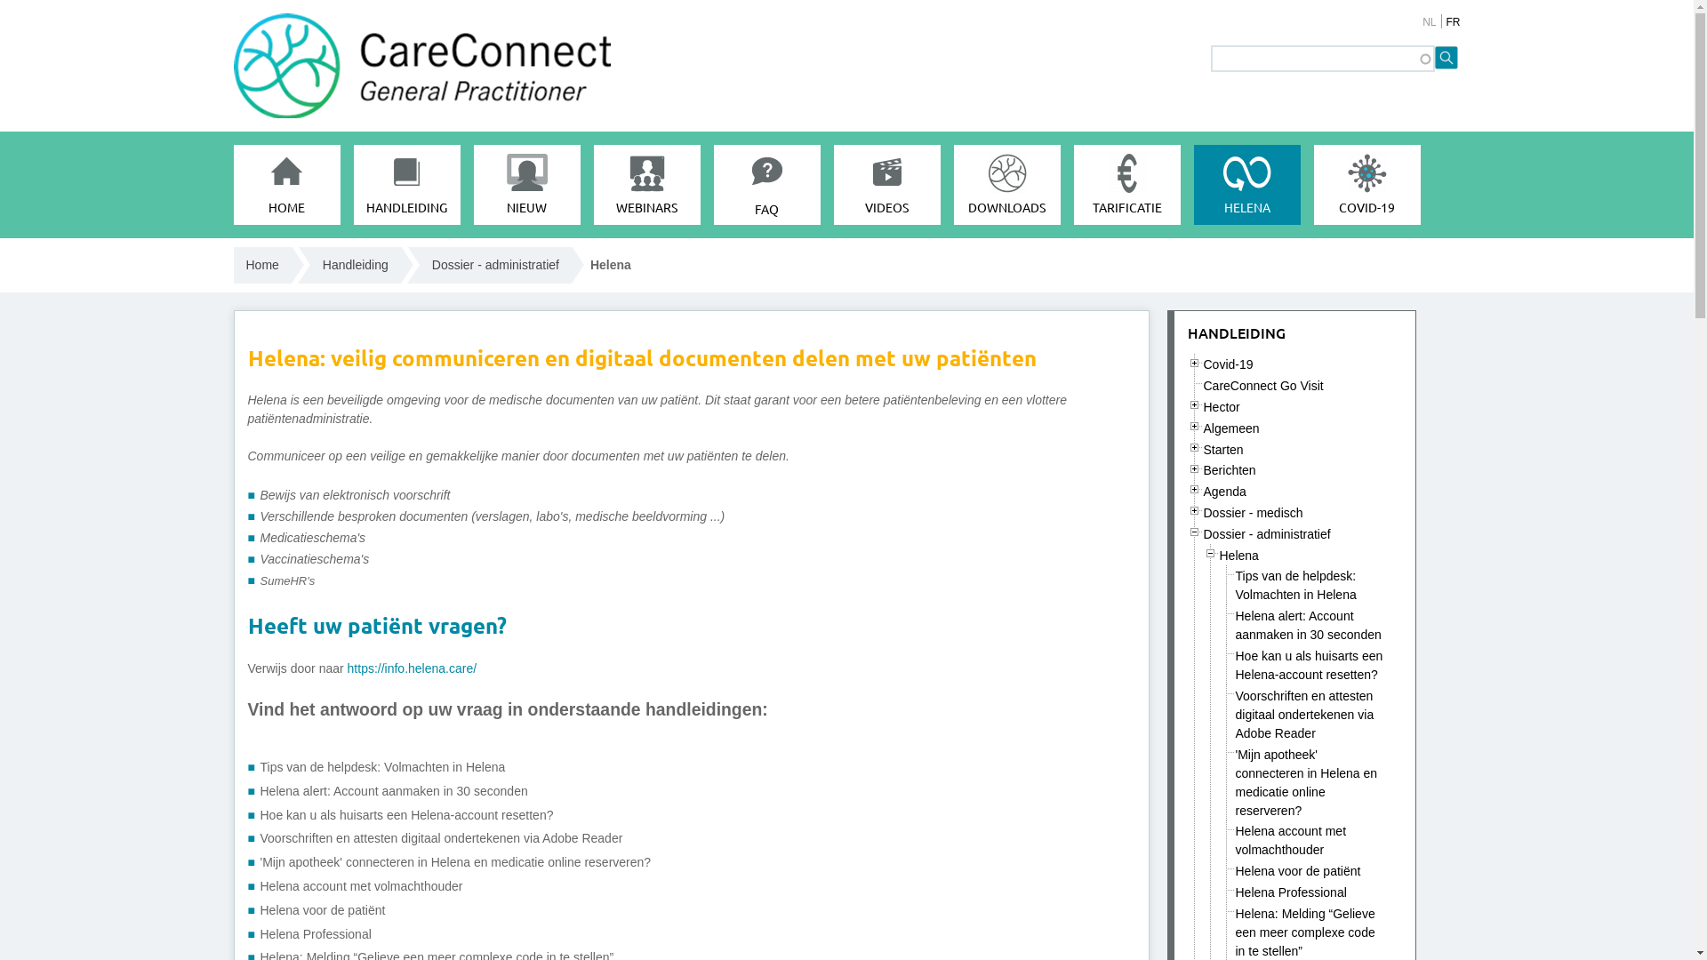 Image resolution: width=1707 pixels, height=960 pixels. Describe the element at coordinates (1235, 840) in the screenshot. I see `'Helena account met volmachthouder'` at that location.